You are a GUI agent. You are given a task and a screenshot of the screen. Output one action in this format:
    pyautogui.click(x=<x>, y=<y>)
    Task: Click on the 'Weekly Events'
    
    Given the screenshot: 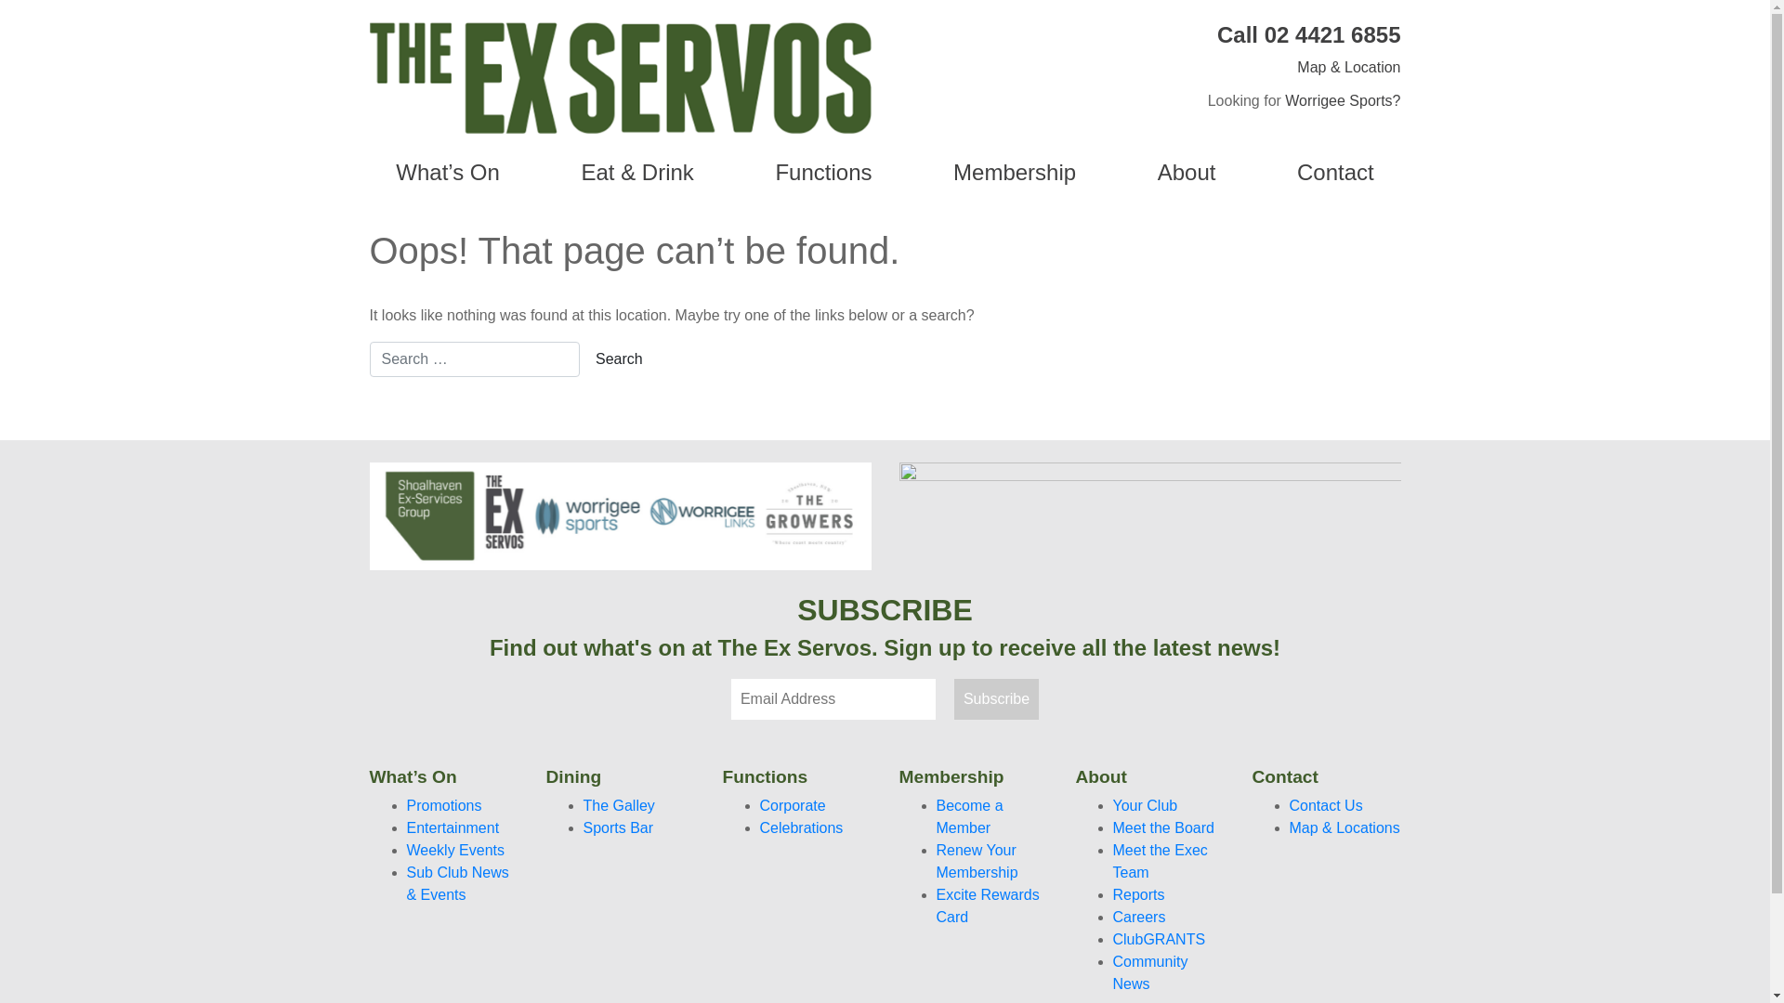 What is the action you would take?
    pyautogui.click(x=405, y=850)
    